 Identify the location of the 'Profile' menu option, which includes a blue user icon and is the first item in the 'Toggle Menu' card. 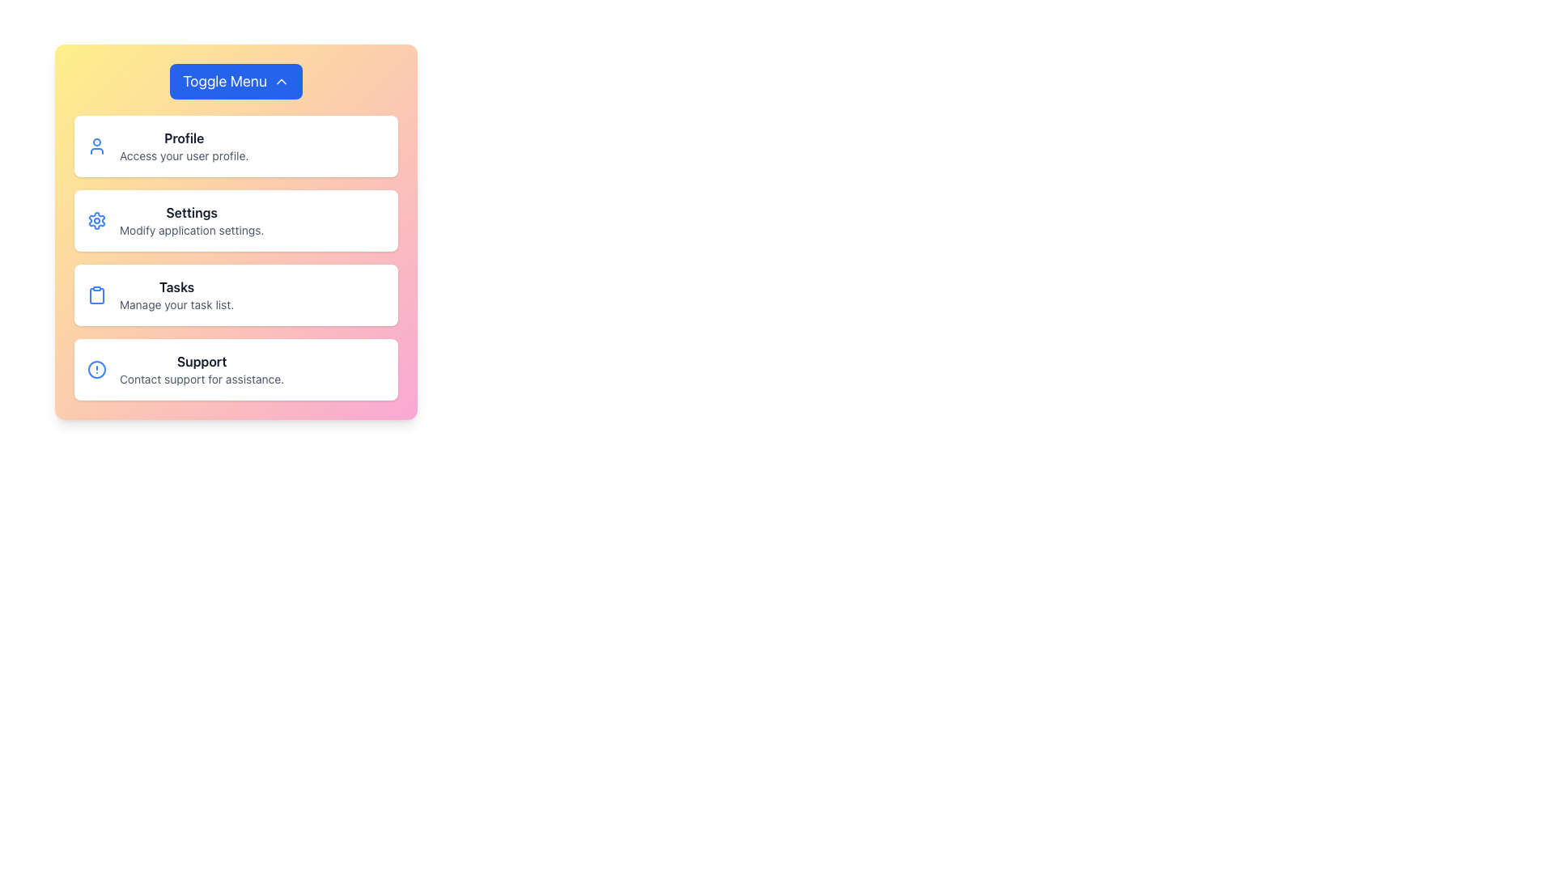
(184, 146).